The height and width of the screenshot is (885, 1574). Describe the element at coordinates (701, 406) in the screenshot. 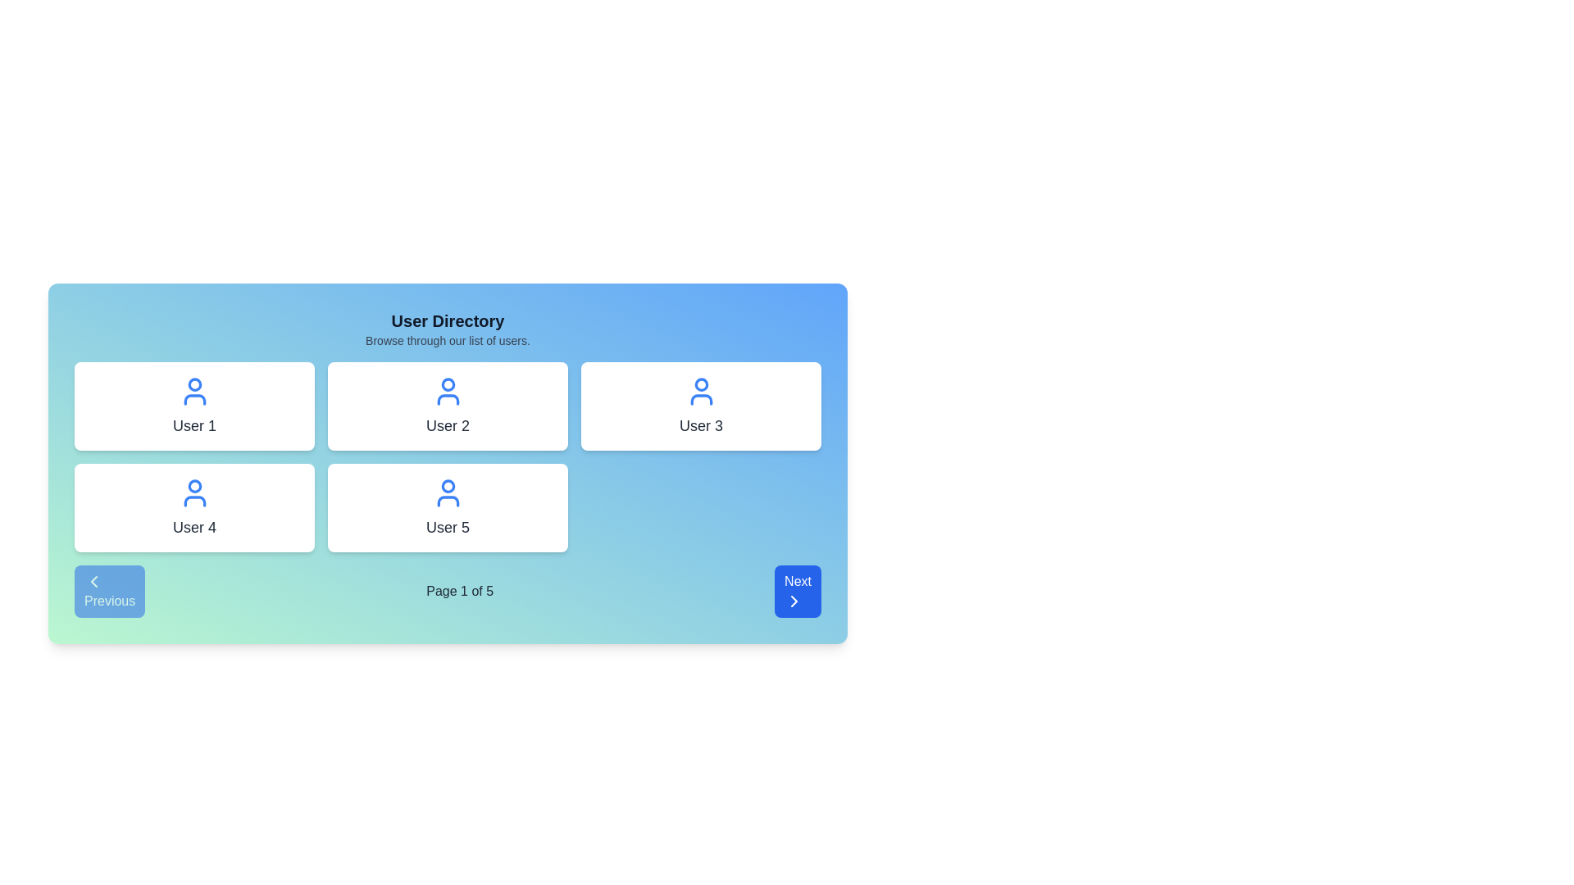

I see `on the user card labeled 'User 3' which features a blue user icon and is the third card in the grid layout` at that location.